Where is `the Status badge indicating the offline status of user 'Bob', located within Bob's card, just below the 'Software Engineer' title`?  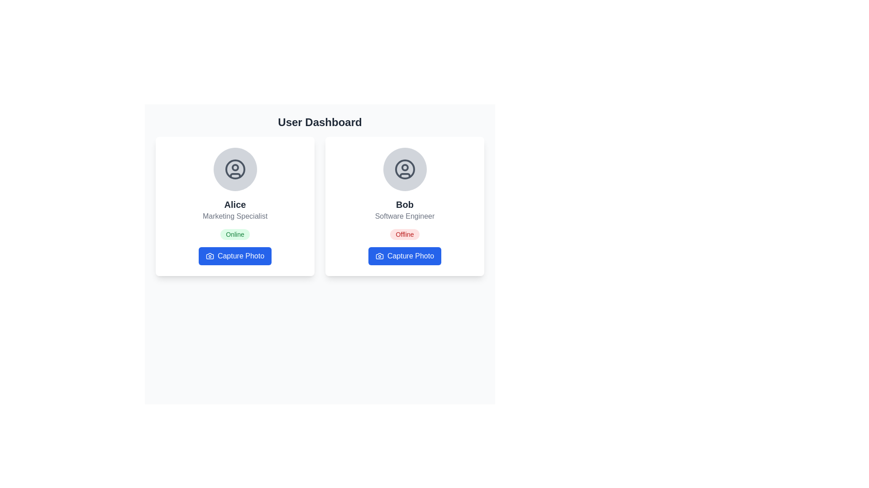 the Status badge indicating the offline status of user 'Bob', located within Bob's card, just below the 'Software Engineer' title is located at coordinates (404, 234).